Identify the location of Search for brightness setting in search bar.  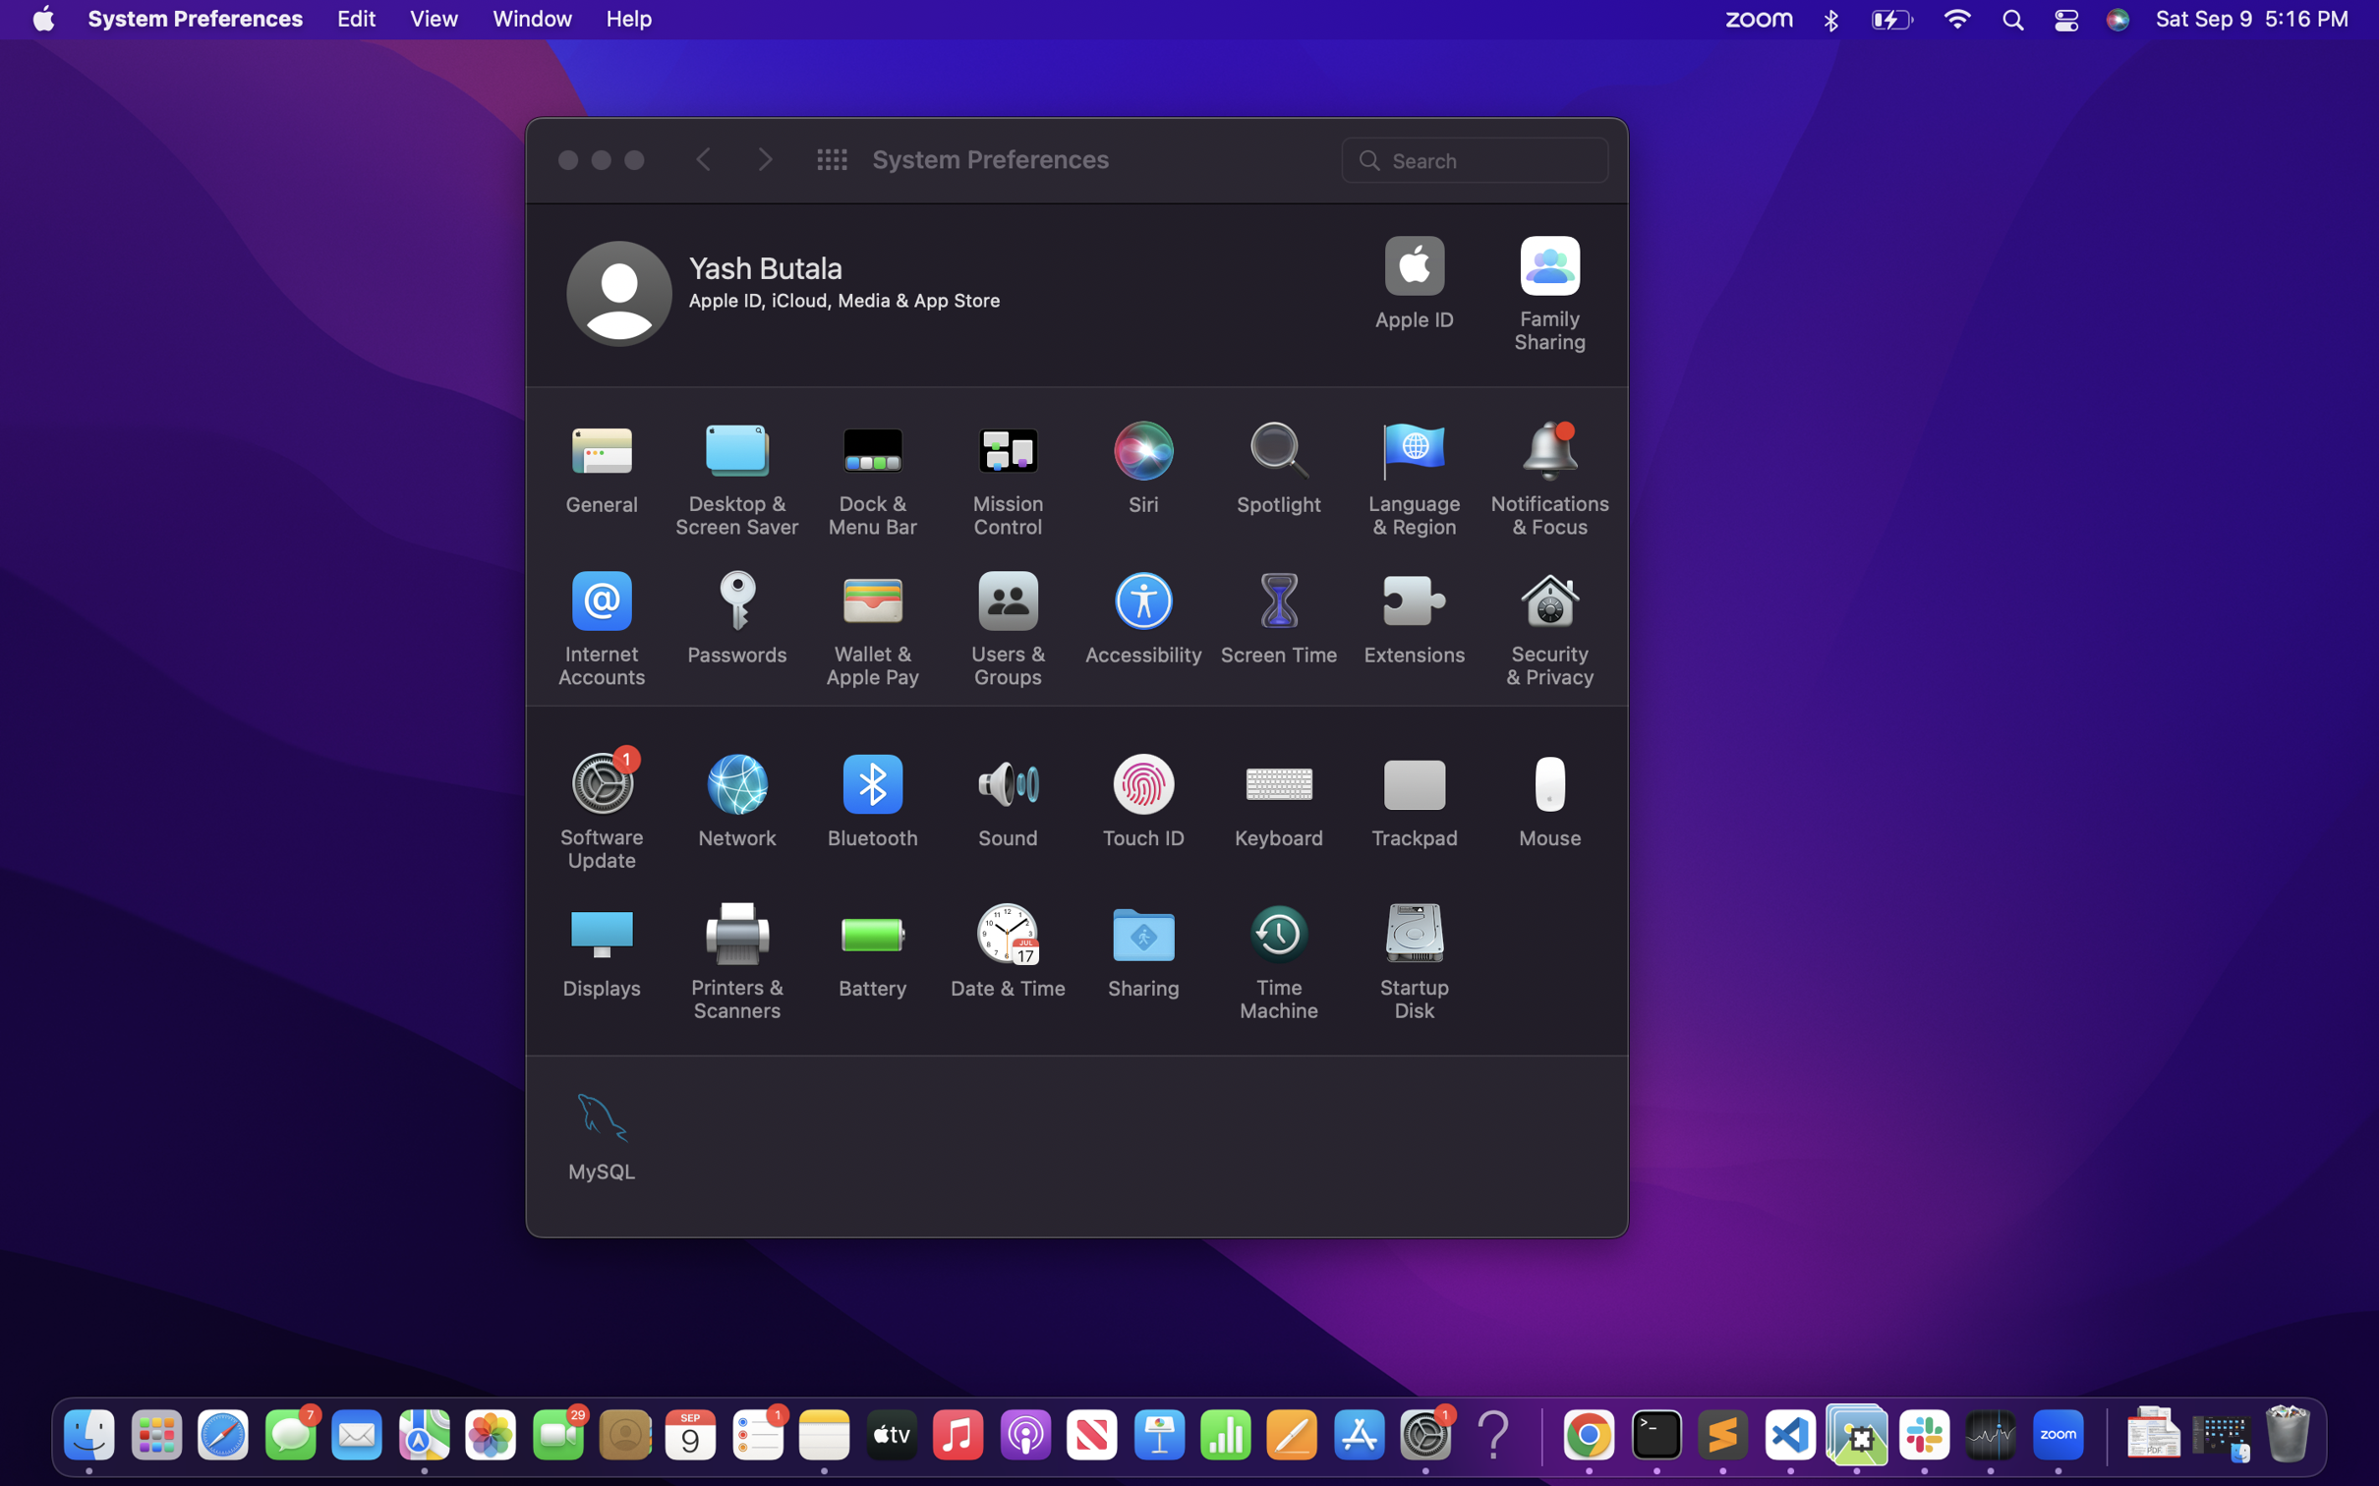
(1477, 157).